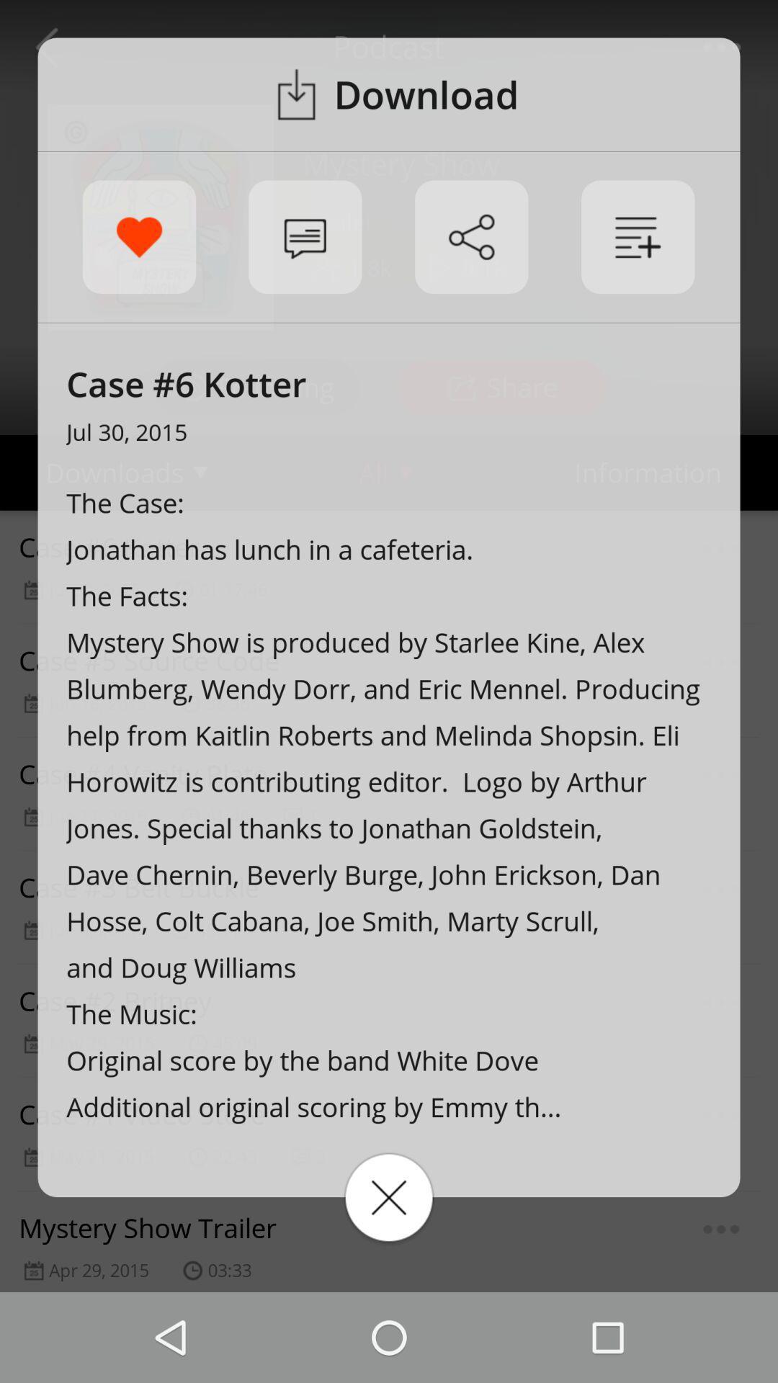  What do you see at coordinates (637, 237) in the screenshot?
I see `a case` at bounding box center [637, 237].